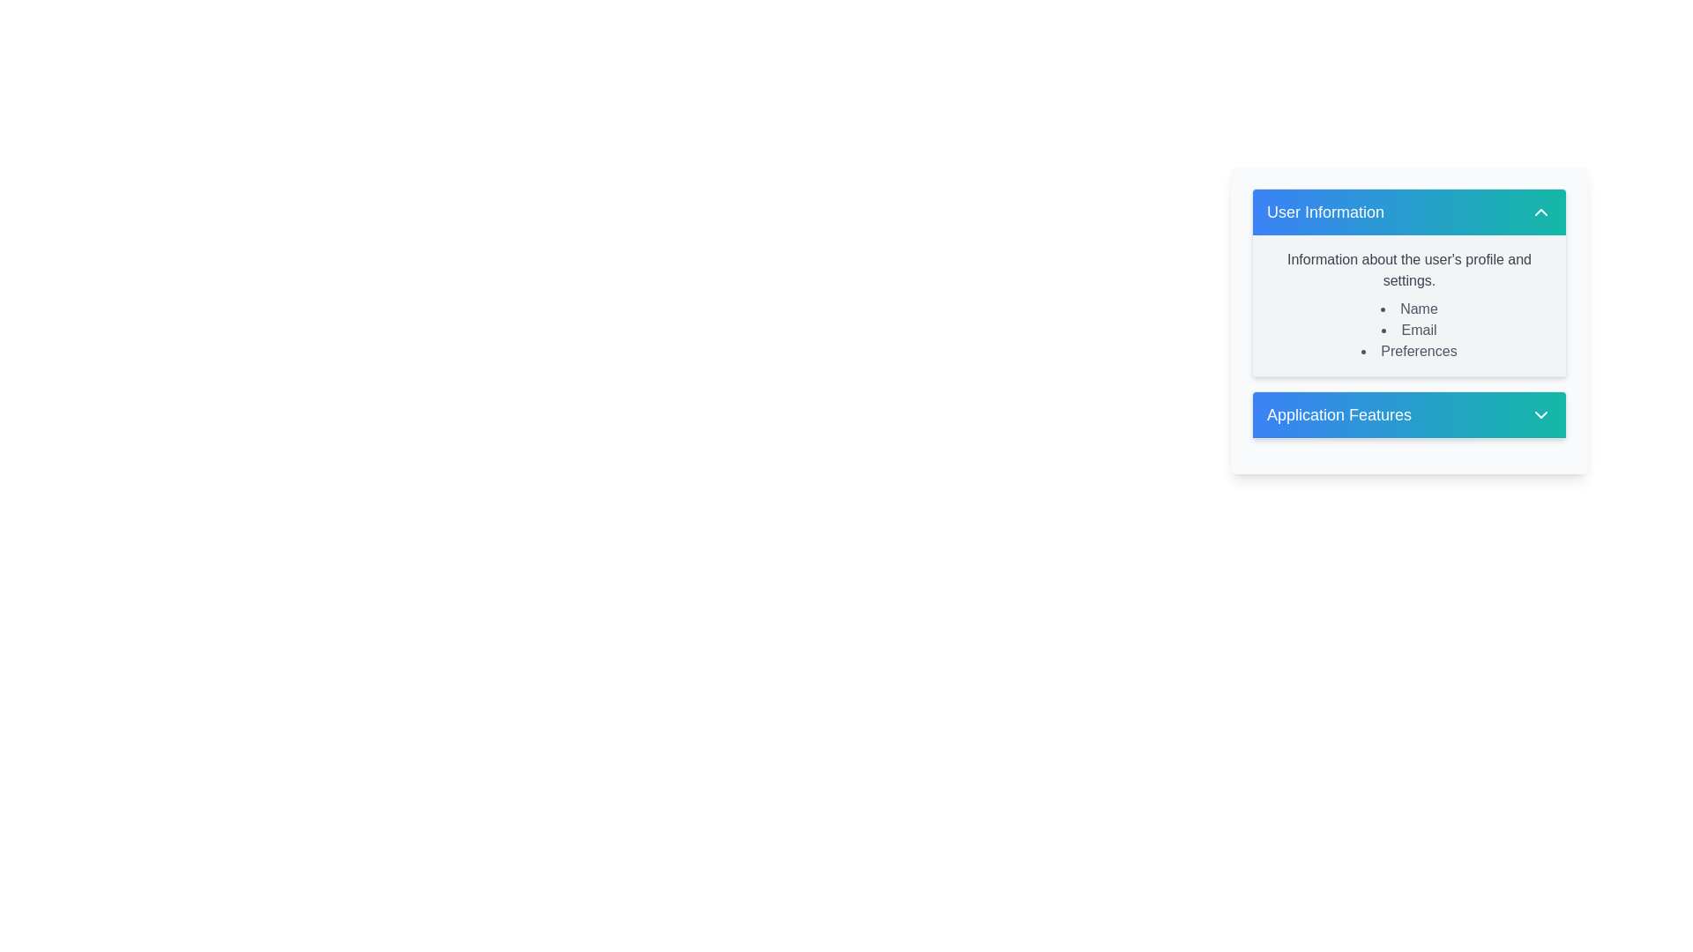 The height and width of the screenshot is (952, 1693). Describe the element at coordinates (1408, 320) in the screenshot. I see `contents of the Informational text block displaying user profile information, which includes name, email, and preferences, located centrally within the 'User Information' section` at that location.